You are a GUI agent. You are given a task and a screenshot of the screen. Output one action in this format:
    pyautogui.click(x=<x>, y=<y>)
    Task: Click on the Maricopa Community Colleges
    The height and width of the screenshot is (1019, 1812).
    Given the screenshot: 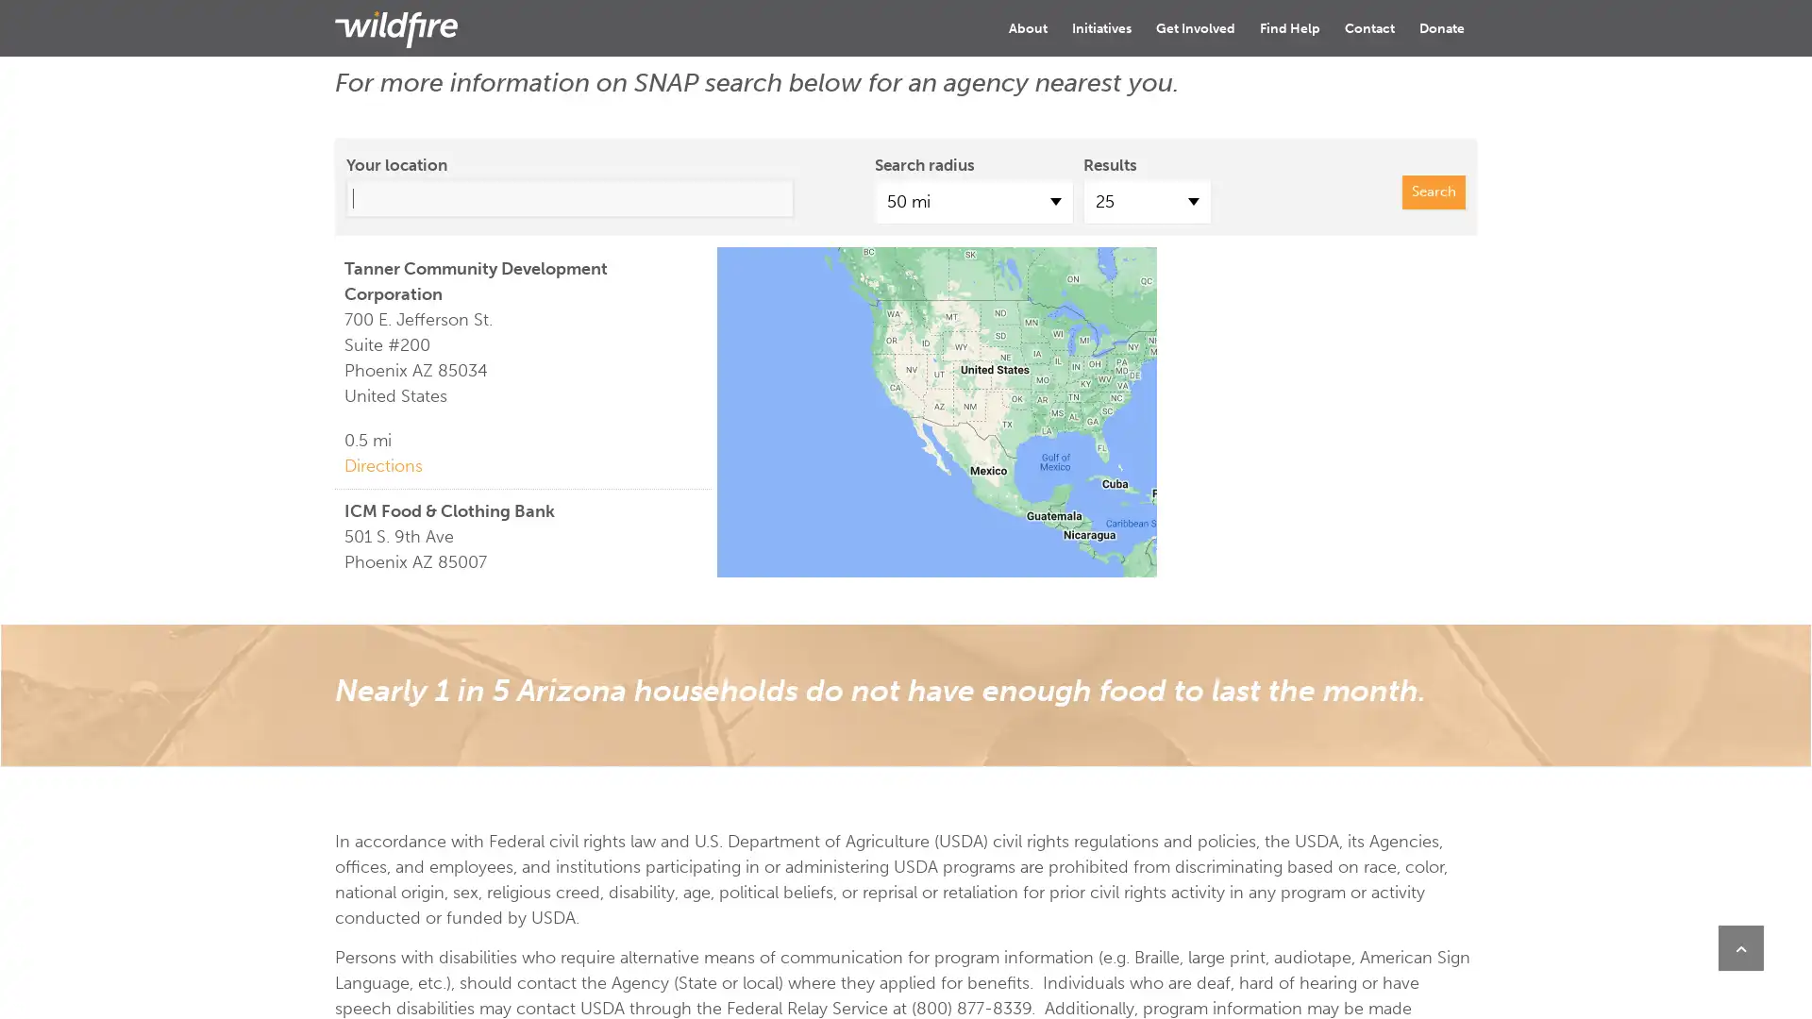 What is the action you would take?
    pyautogui.click(x=1117, y=454)
    